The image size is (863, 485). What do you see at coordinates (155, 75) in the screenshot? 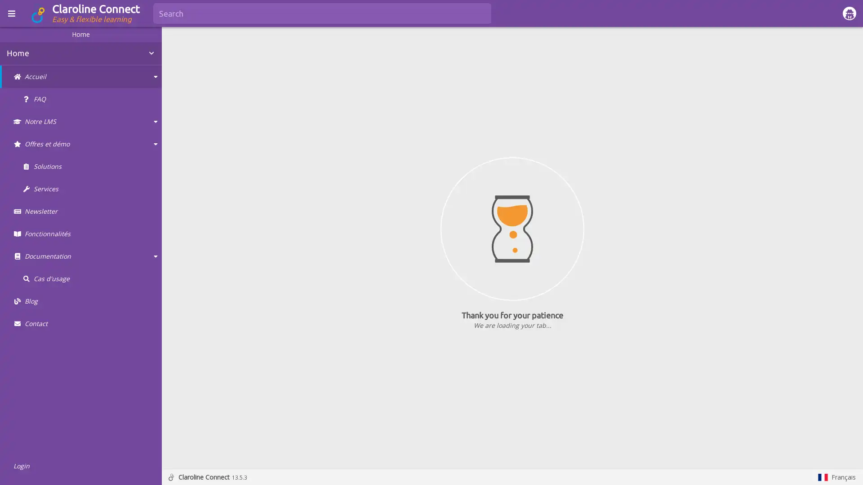
I see `Collapse` at bounding box center [155, 75].